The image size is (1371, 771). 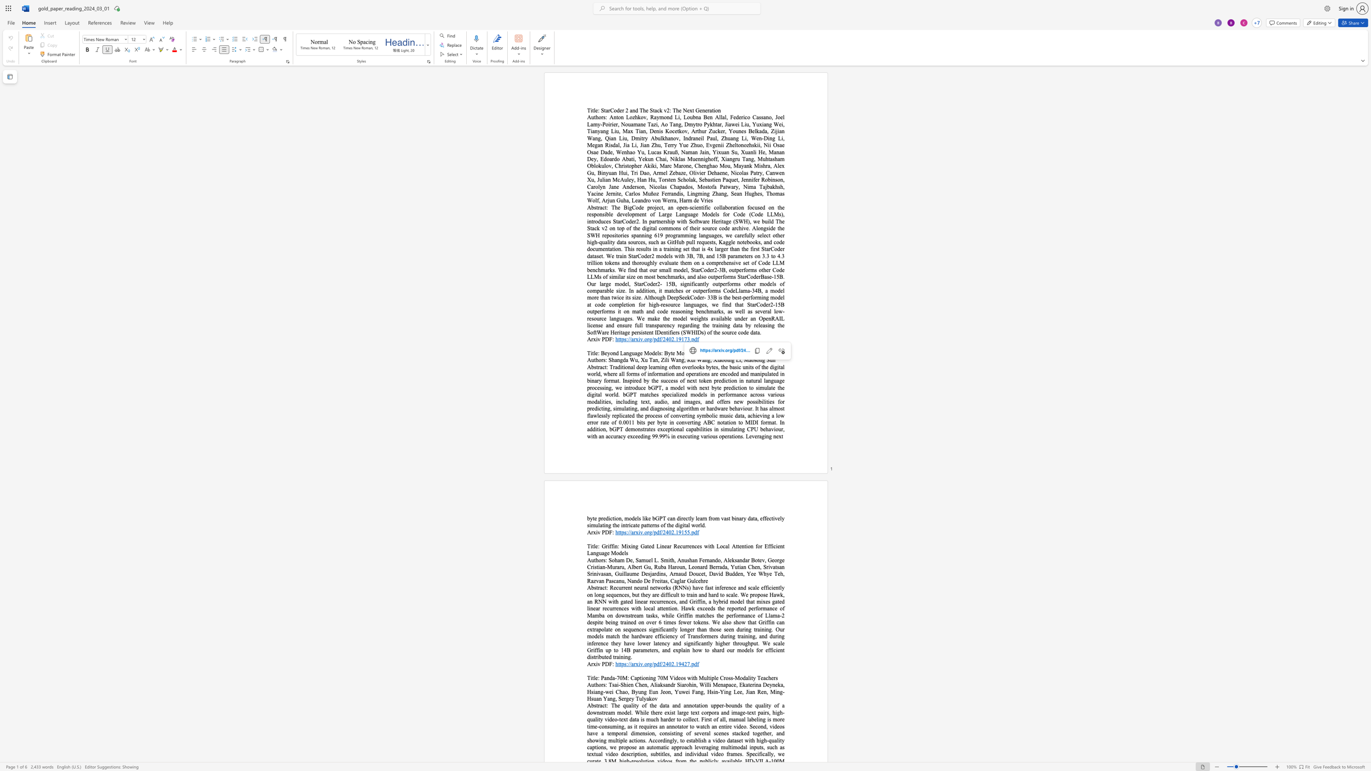 I want to click on the space between the continuous character "W" and "a" in the text, so click(x=675, y=360).